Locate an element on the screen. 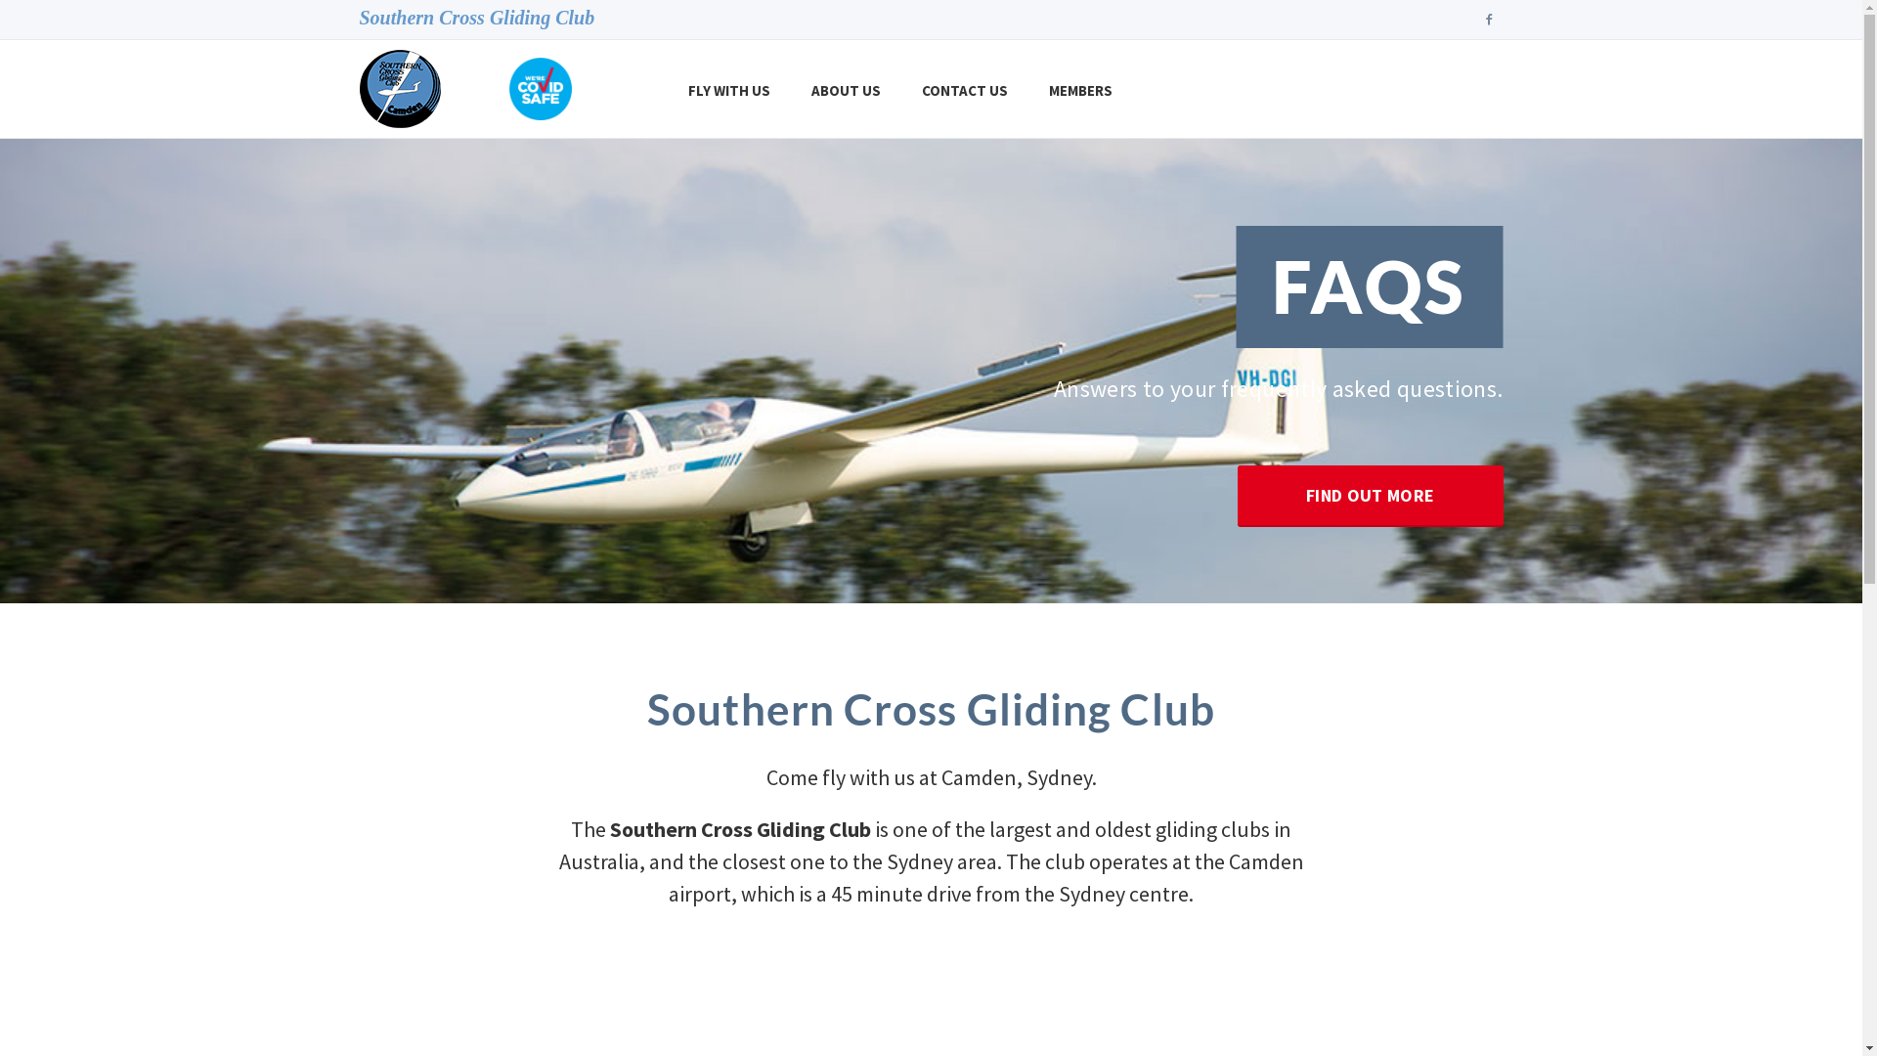  'FLY WITH US' is located at coordinates (727, 89).